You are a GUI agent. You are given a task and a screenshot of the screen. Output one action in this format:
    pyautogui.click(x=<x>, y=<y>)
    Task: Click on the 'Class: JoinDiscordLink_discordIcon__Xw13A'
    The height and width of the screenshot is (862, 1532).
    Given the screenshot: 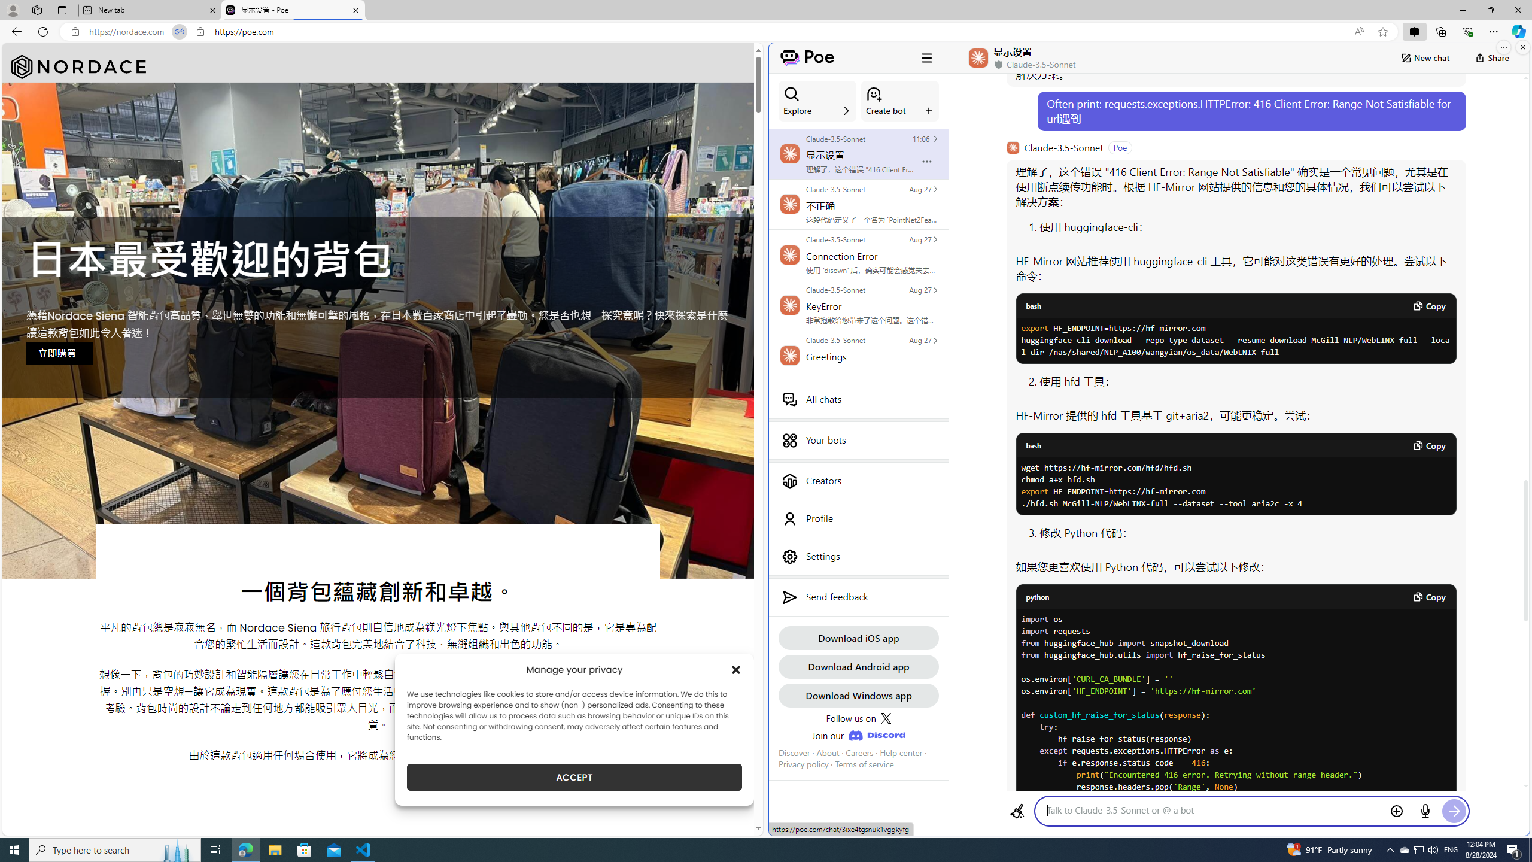 What is the action you would take?
    pyautogui.click(x=876, y=736)
    